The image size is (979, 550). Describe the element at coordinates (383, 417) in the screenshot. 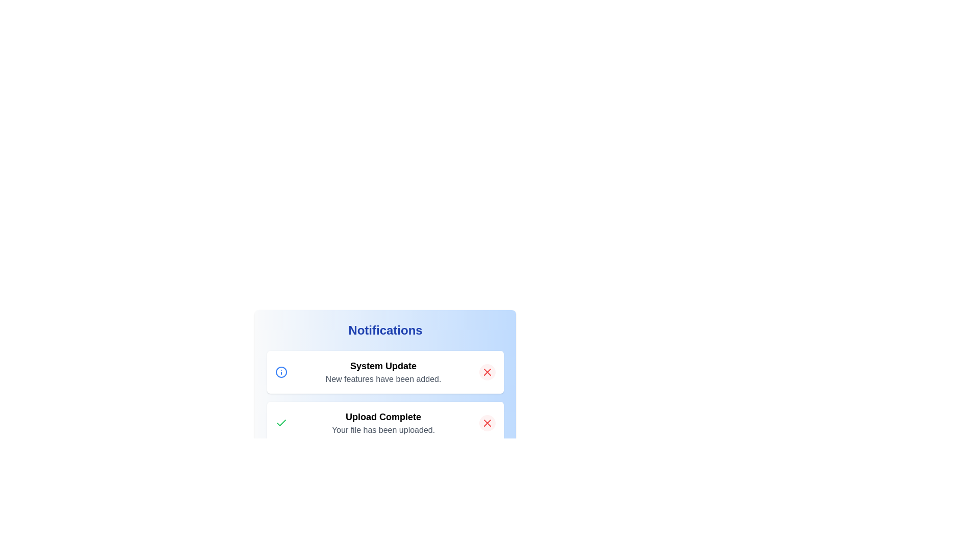

I see `text displayed in the heading of the notification card, which summarizes the context of the upload being completed` at that location.